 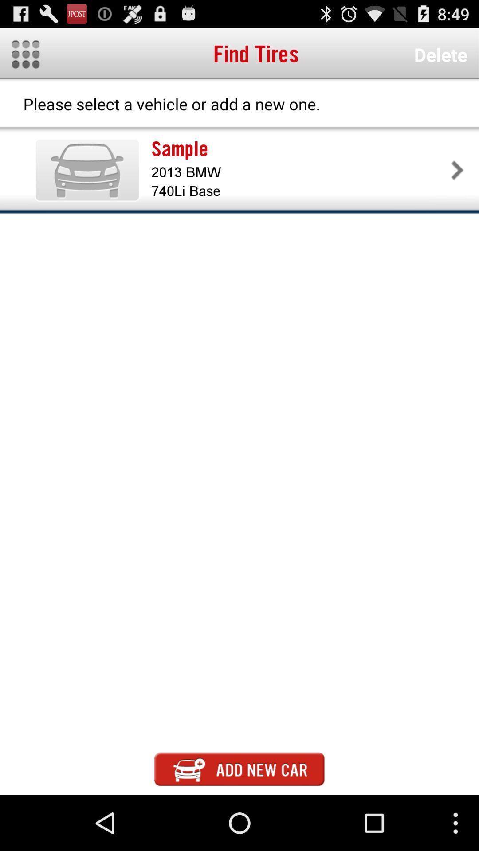 I want to click on another vehicle, so click(x=239, y=769).